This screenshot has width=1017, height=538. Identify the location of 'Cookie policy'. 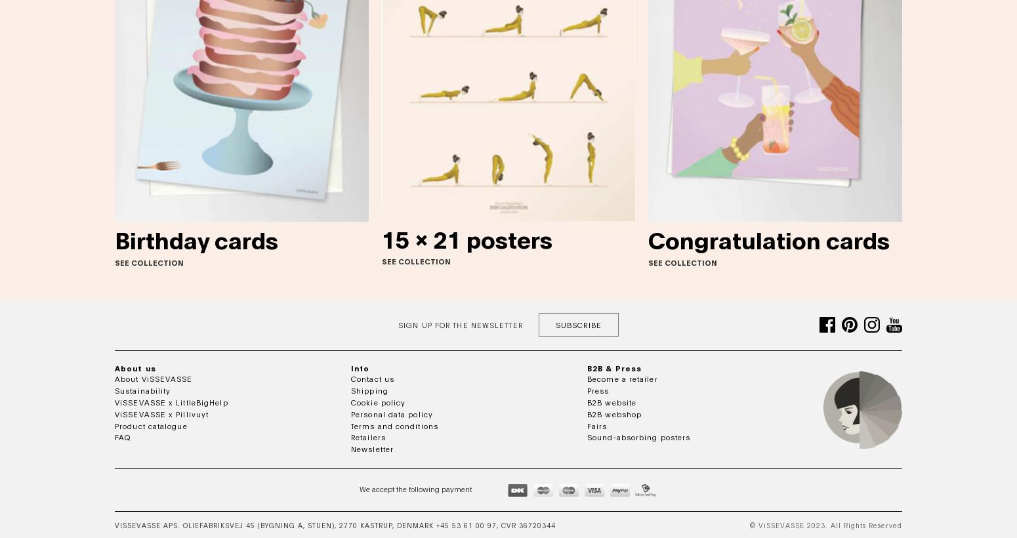
(378, 401).